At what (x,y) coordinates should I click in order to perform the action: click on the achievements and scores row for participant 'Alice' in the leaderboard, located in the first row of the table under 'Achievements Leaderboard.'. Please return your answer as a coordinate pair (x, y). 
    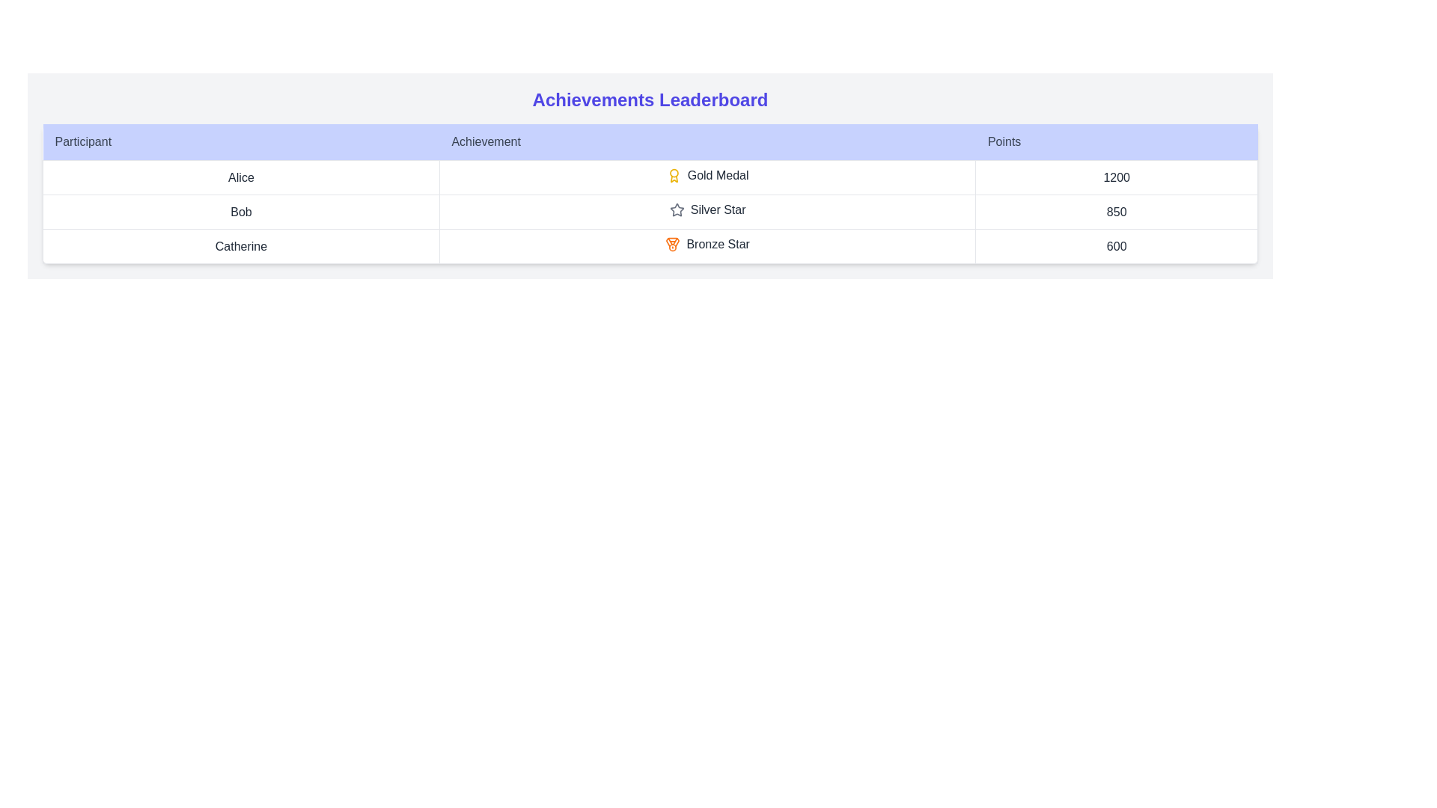
    Looking at the image, I should click on (650, 177).